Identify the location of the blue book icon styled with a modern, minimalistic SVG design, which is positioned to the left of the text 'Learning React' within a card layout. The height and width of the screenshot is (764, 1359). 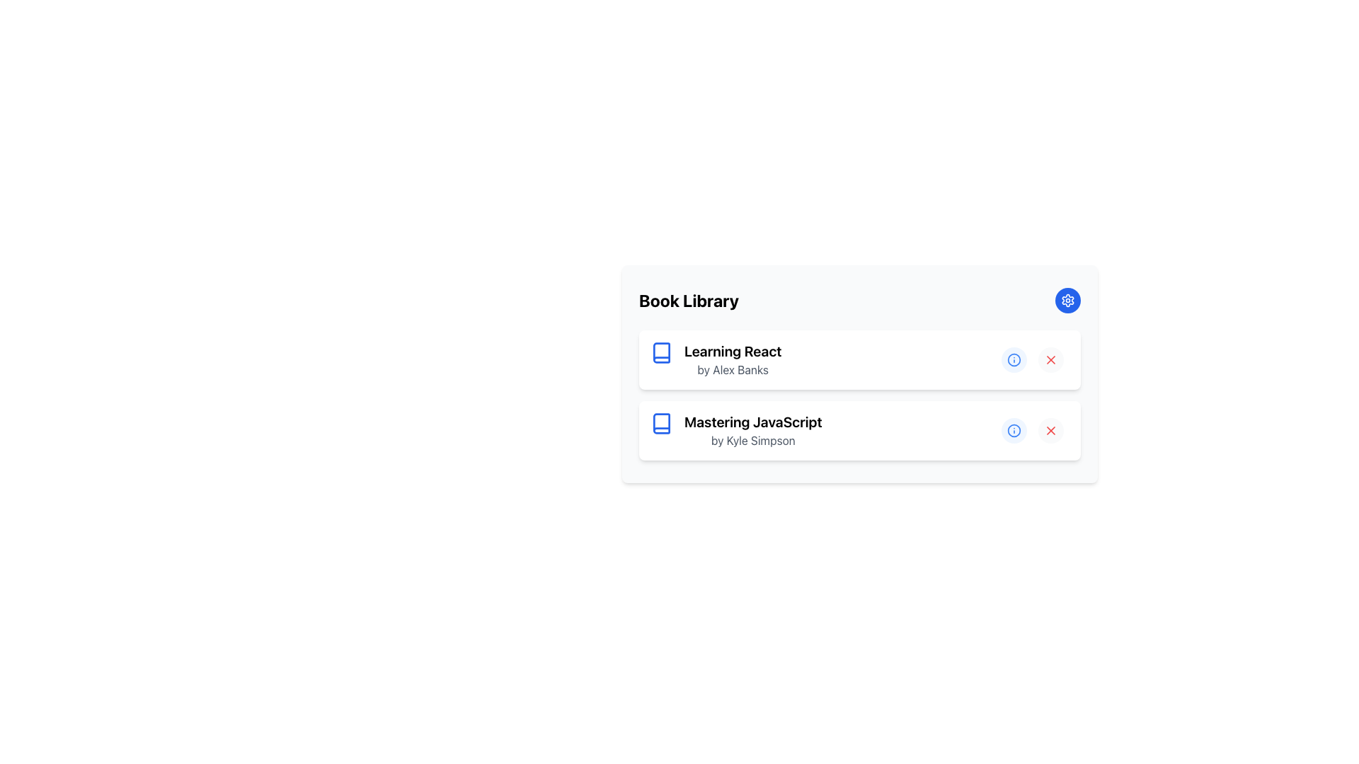
(661, 352).